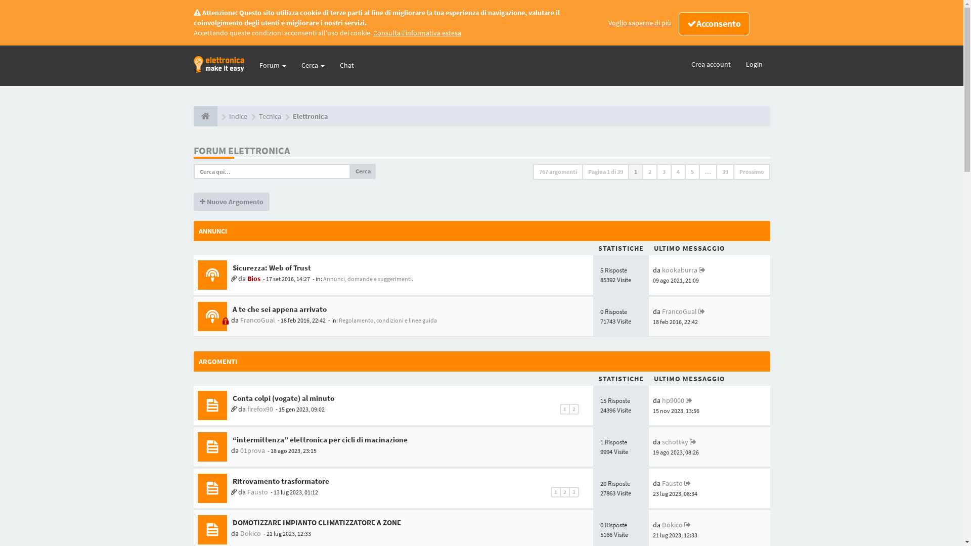 Image resolution: width=971 pixels, height=546 pixels. What do you see at coordinates (230, 201) in the screenshot?
I see `' Nuovo Argomento'` at bounding box center [230, 201].